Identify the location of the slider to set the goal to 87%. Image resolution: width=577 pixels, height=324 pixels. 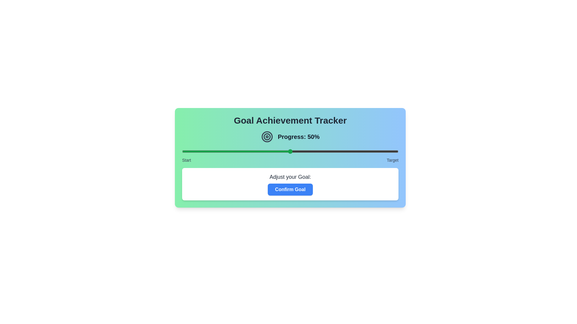
(370, 151).